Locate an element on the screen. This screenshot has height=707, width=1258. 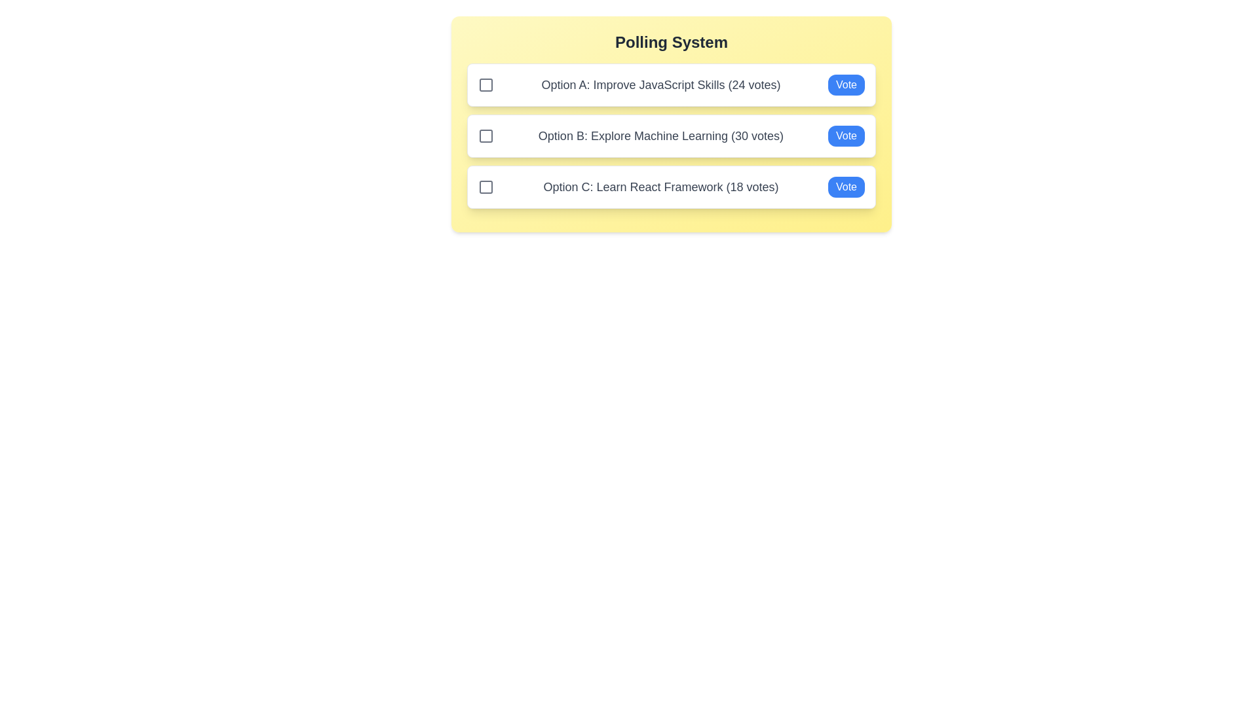
the 'Vote' button for Option B to increase its vote count is located at coordinates (846, 136).